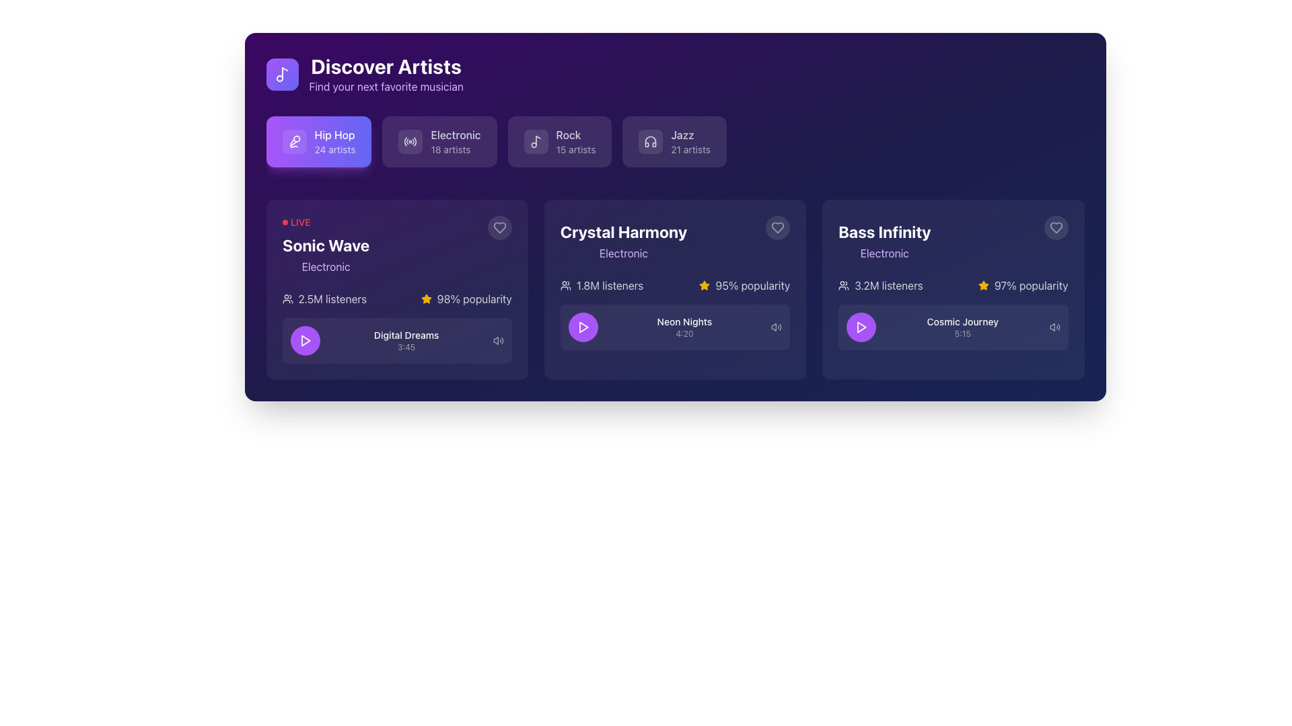 This screenshot has width=1292, height=726. What do you see at coordinates (684, 327) in the screenshot?
I see `the text block displaying the title 'Neon Nights' in white text, located in the card for the musical artist 'Crystal Harmony', positioned towards the bottom right of the circular play button` at bounding box center [684, 327].